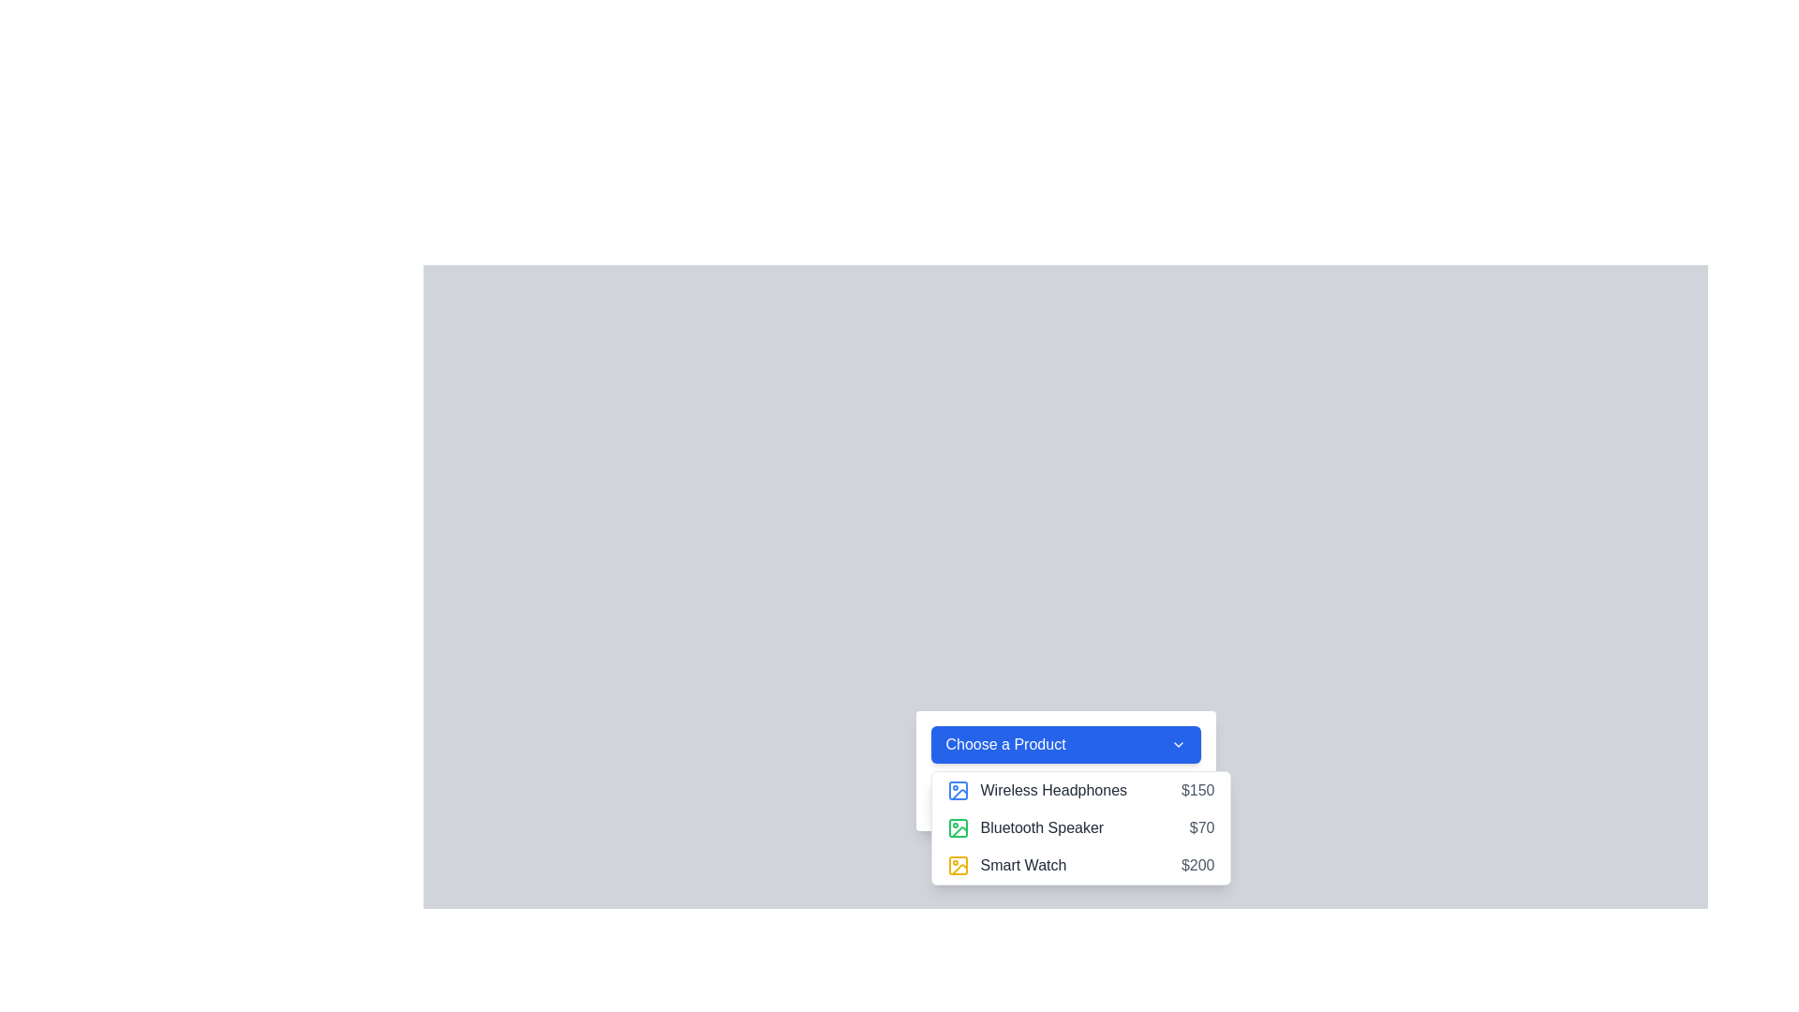 The image size is (1799, 1012). Describe the element at coordinates (1004, 743) in the screenshot. I see `text label displaying 'Choose a Product', which is styled in white text against a blue background and serves as a header for the dropdown menu` at that location.